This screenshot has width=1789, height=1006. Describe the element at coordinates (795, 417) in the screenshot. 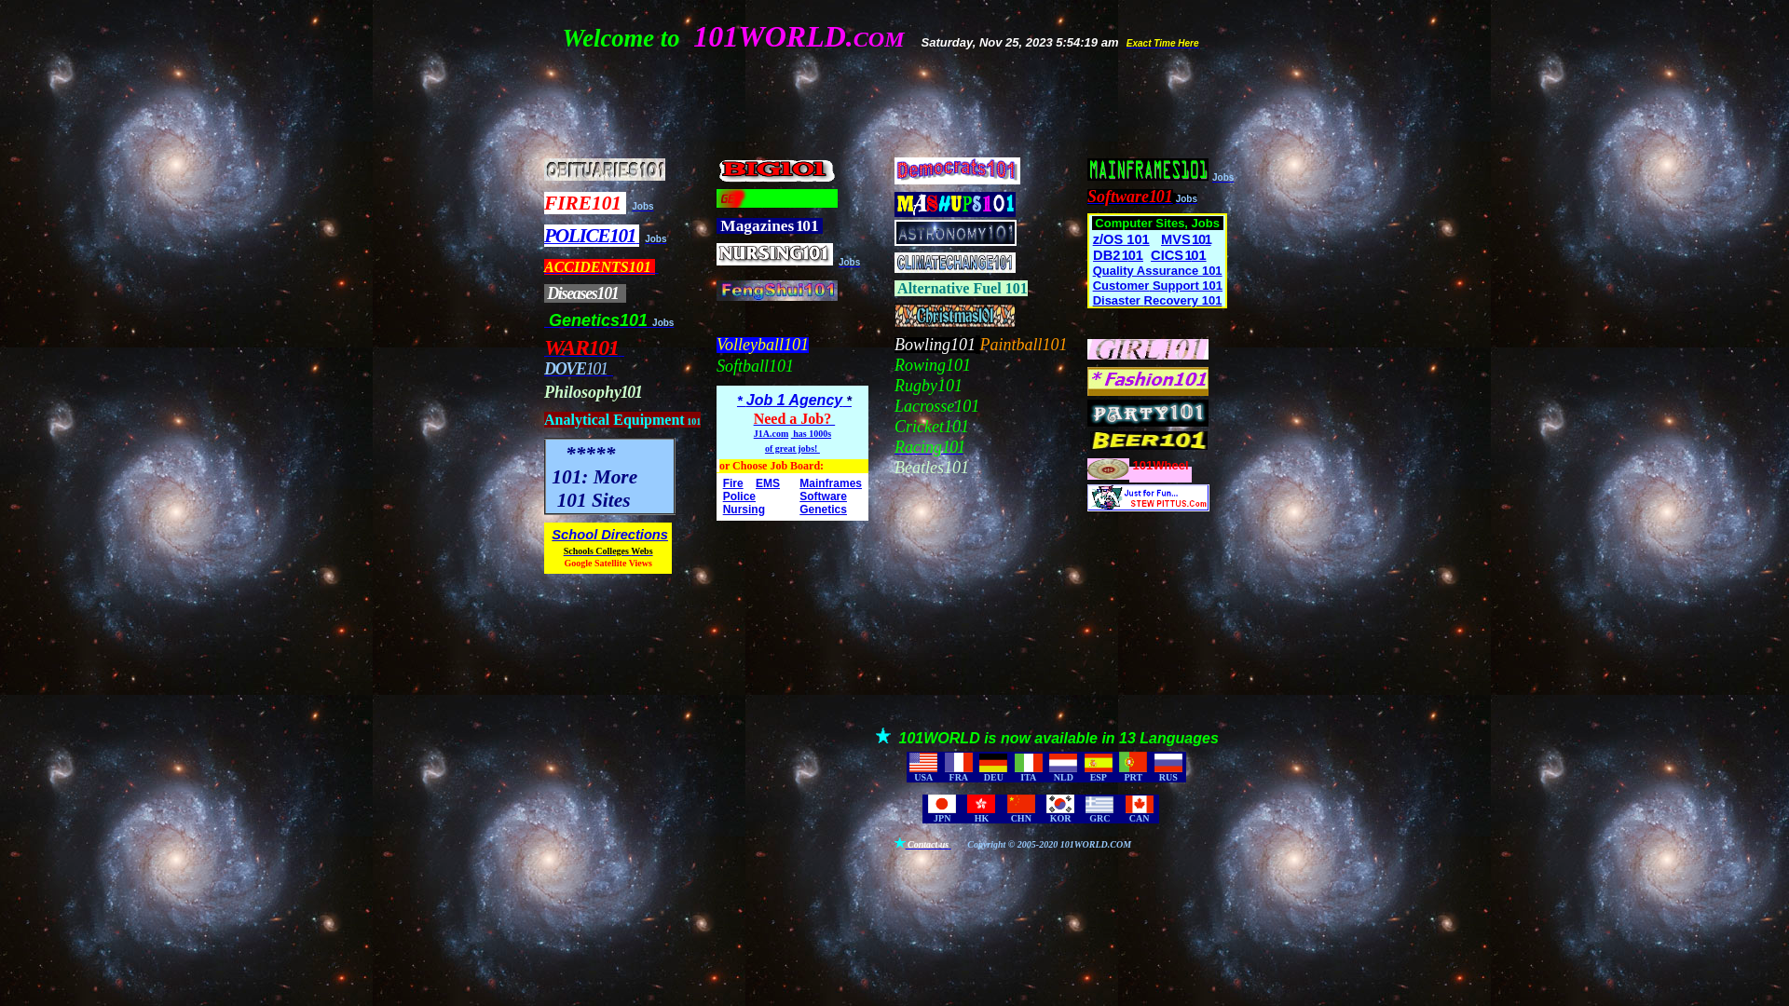

I see `'Need a Job? '` at that location.